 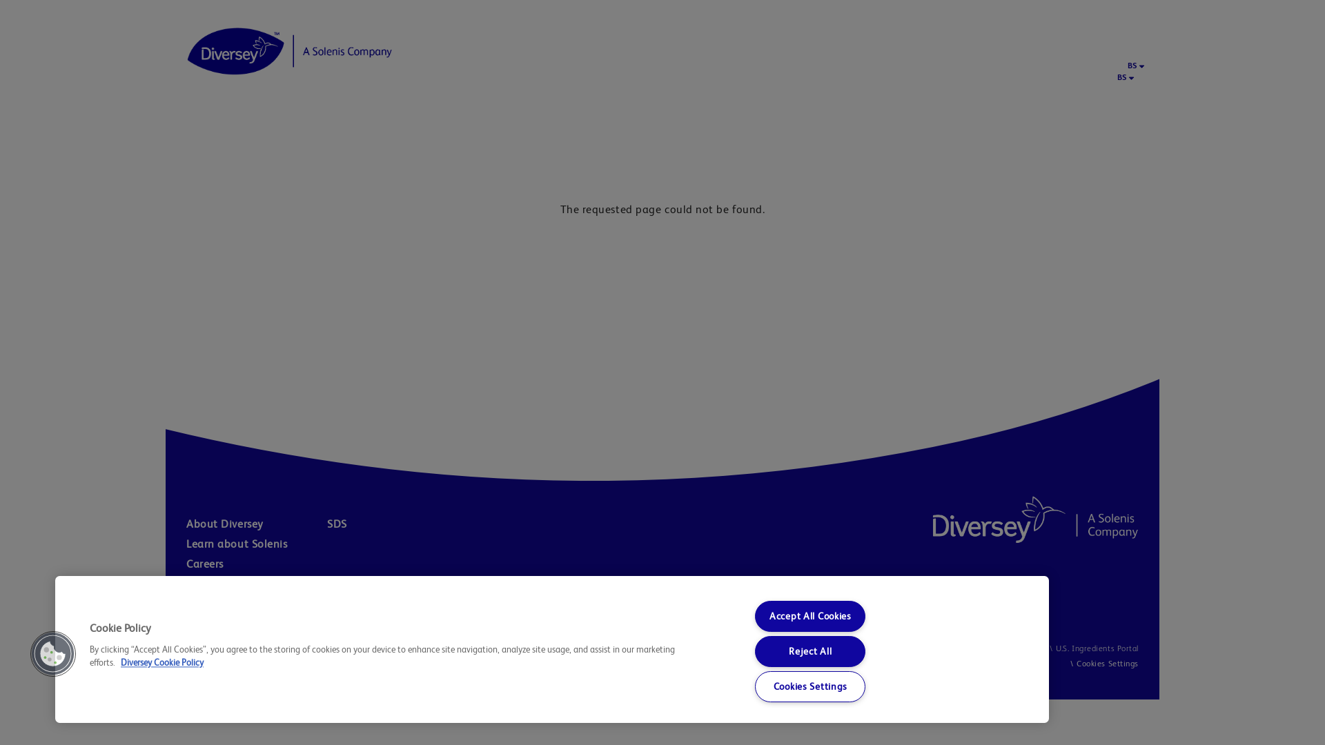 What do you see at coordinates (754, 651) in the screenshot?
I see `'Reject All'` at bounding box center [754, 651].